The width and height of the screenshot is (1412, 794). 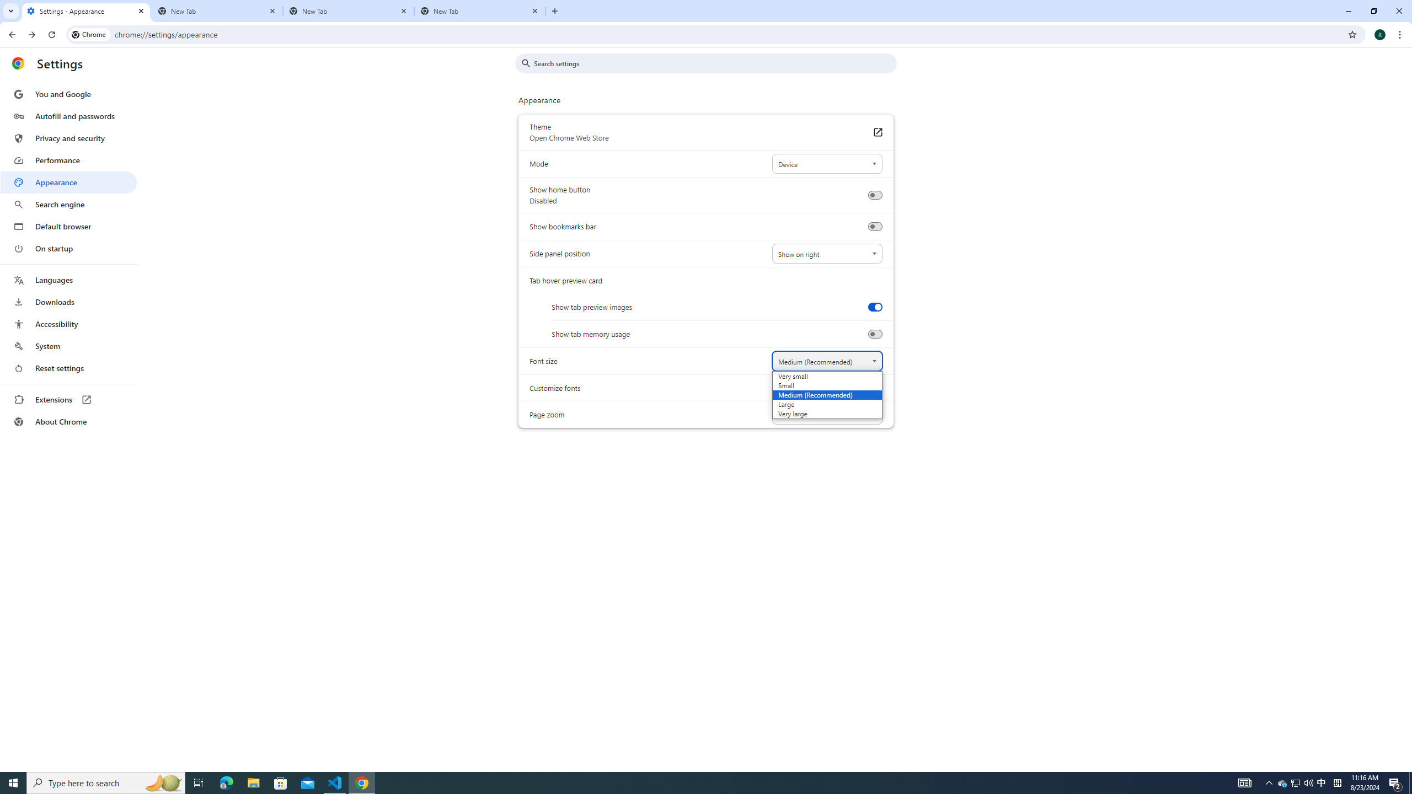 What do you see at coordinates (68, 116) in the screenshot?
I see `'Autofill and passwords'` at bounding box center [68, 116].